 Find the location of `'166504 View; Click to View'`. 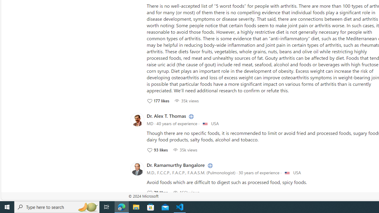

'166504 View; Click to View' is located at coordinates (186, 192).